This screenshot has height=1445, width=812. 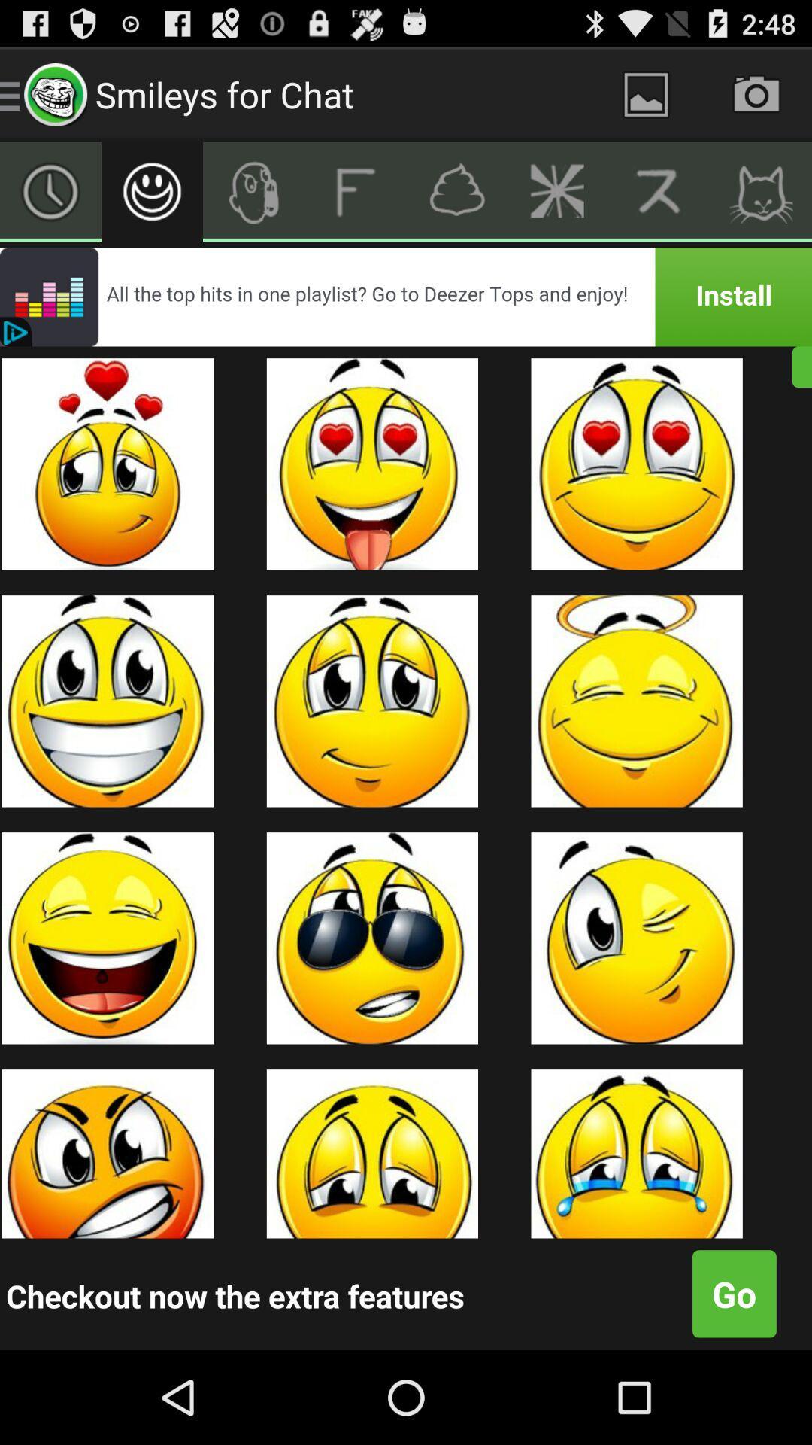 What do you see at coordinates (756, 93) in the screenshot?
I see `take a photo` at bounding box center [756, 93].